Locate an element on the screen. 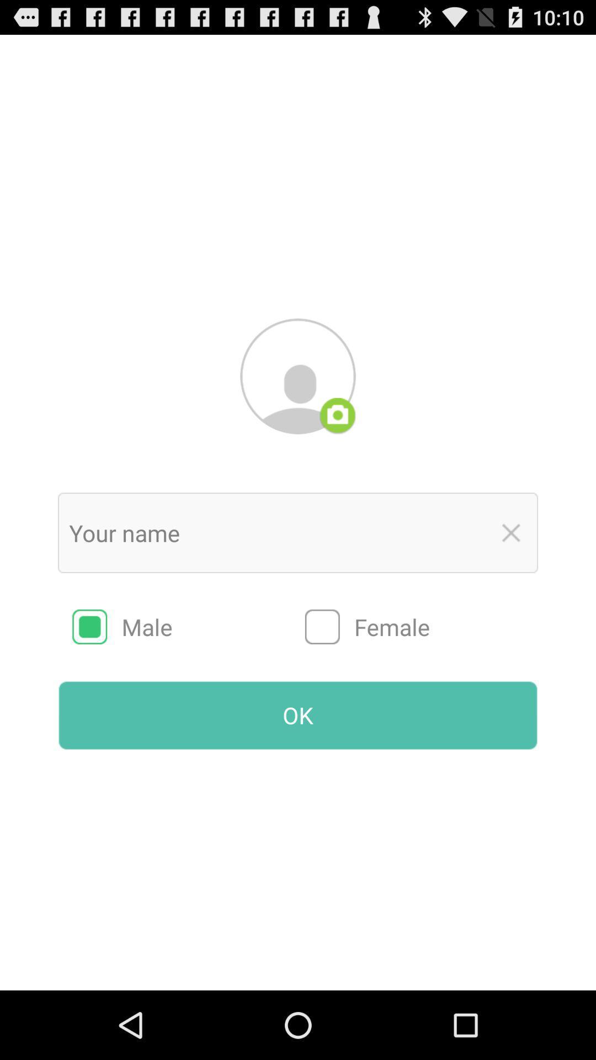  name field is located at coordinates (274, 533).